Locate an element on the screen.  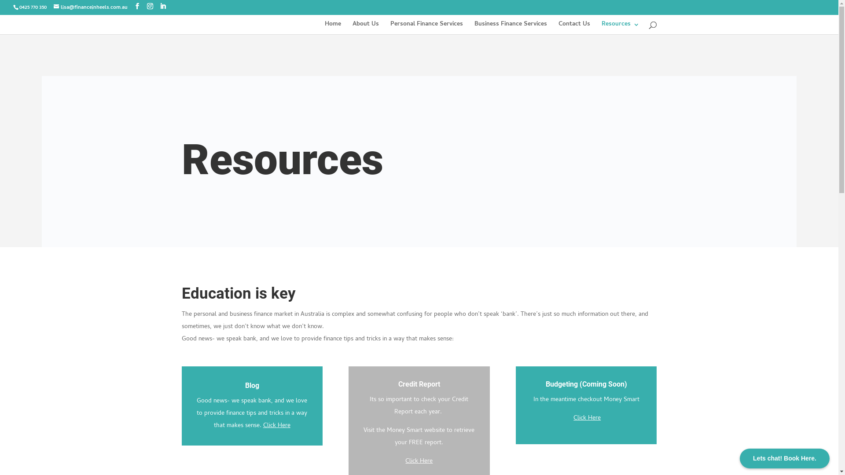
'About Us' is located at coordinates (365, 27).